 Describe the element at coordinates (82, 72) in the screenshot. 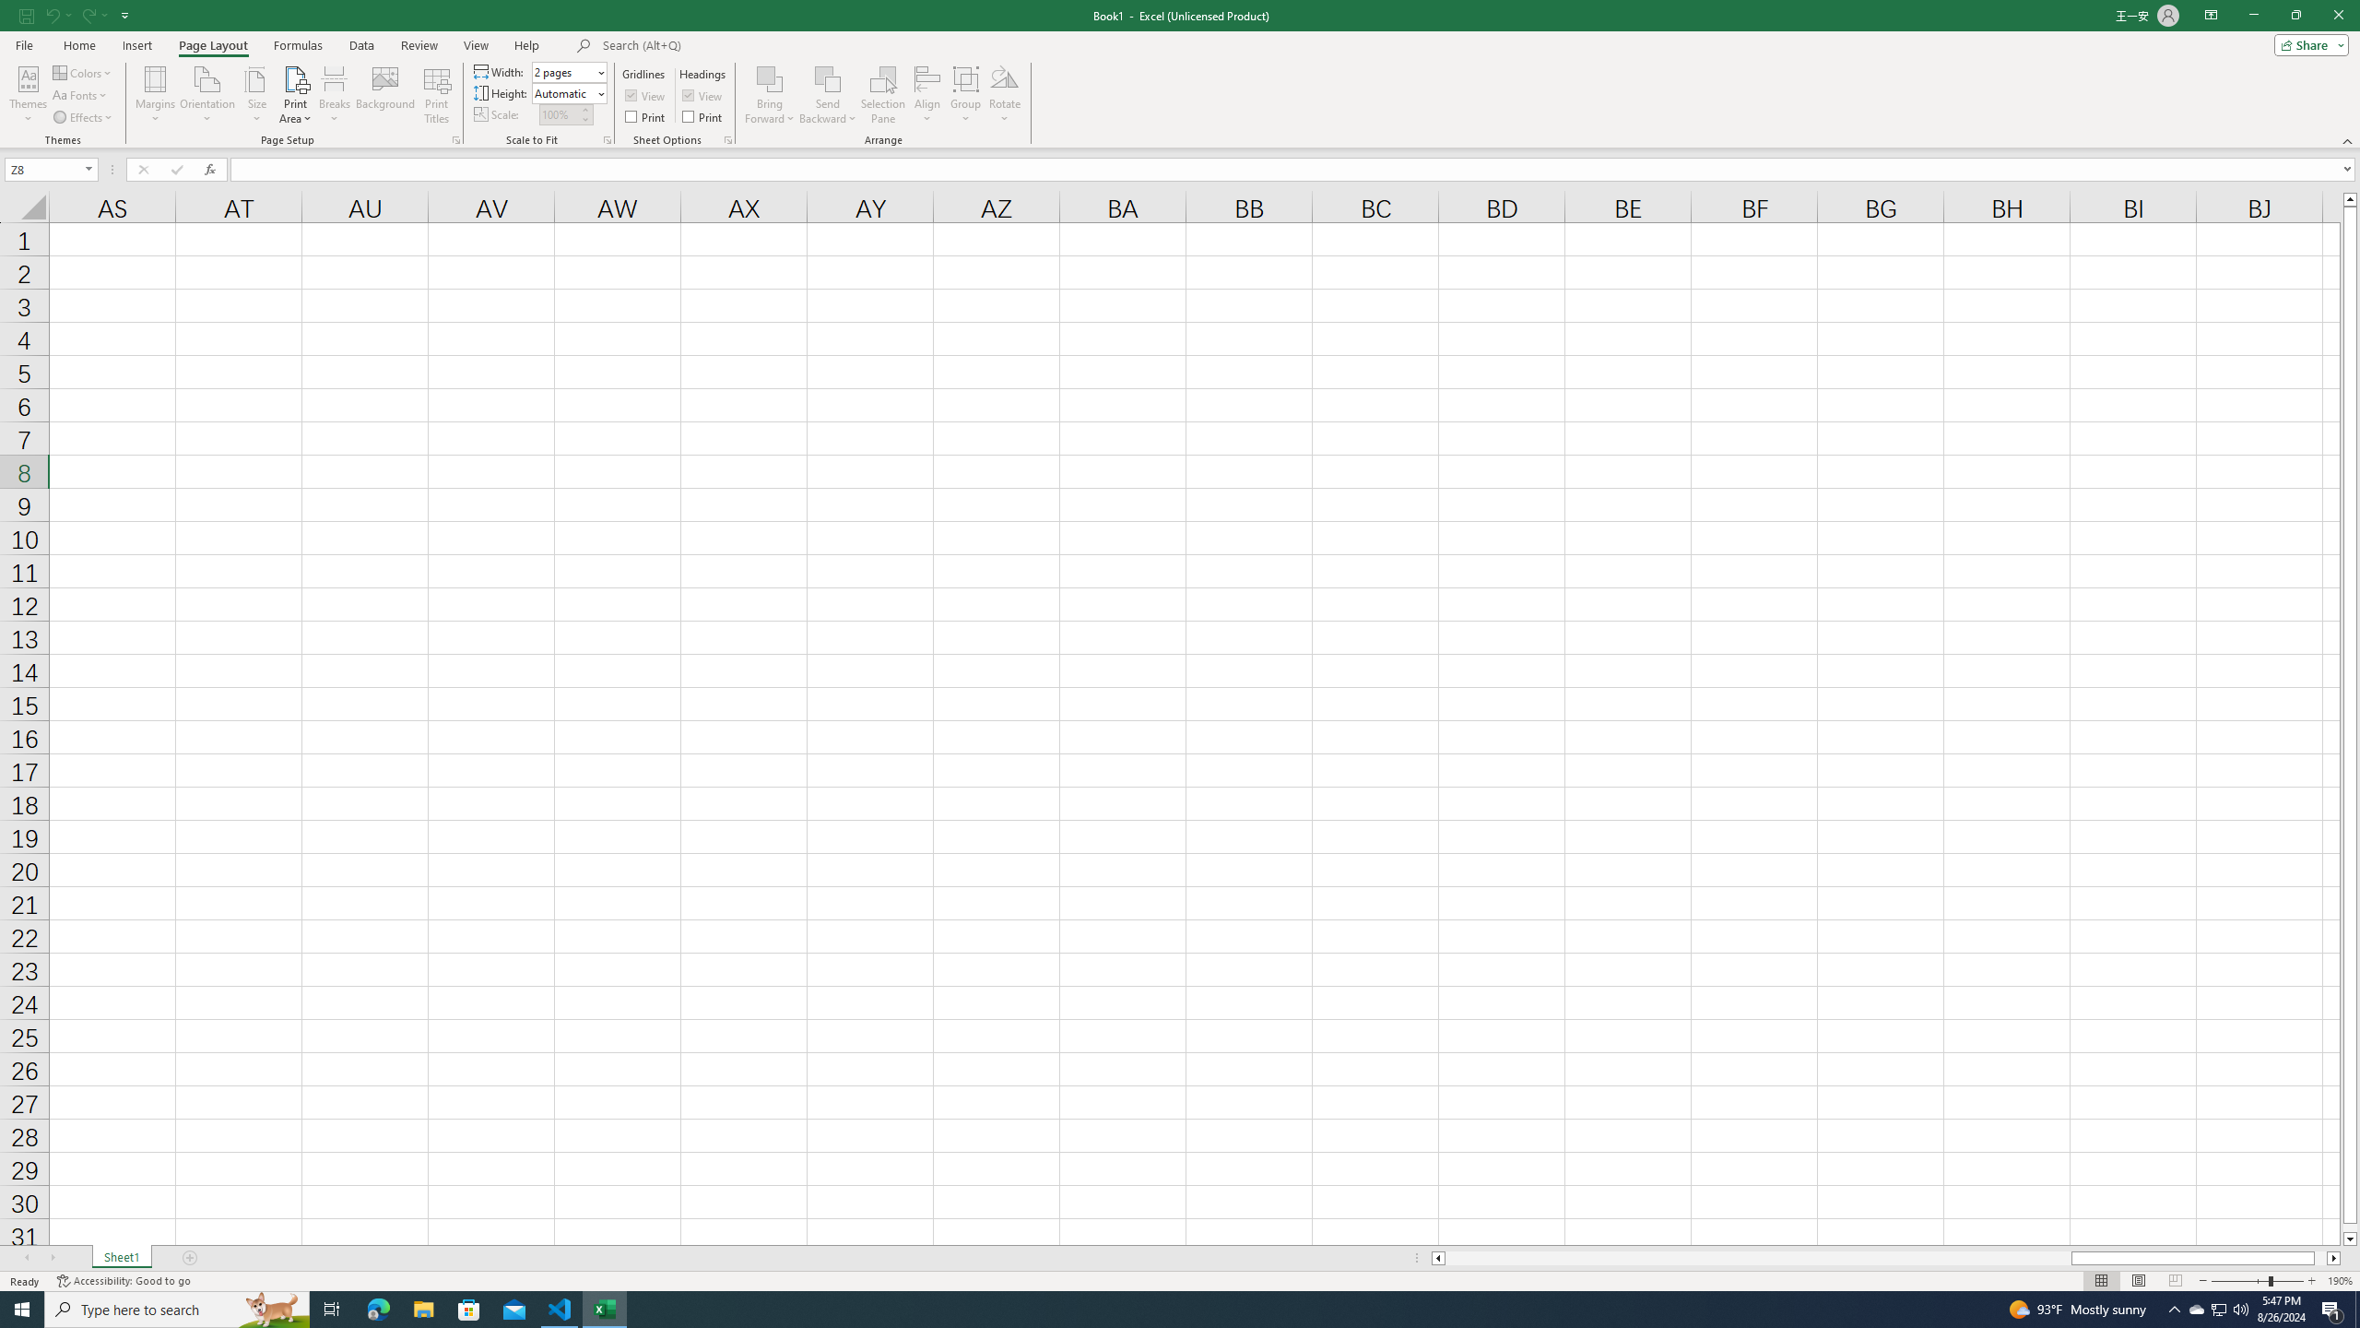

I see `'Colors'` at that location.